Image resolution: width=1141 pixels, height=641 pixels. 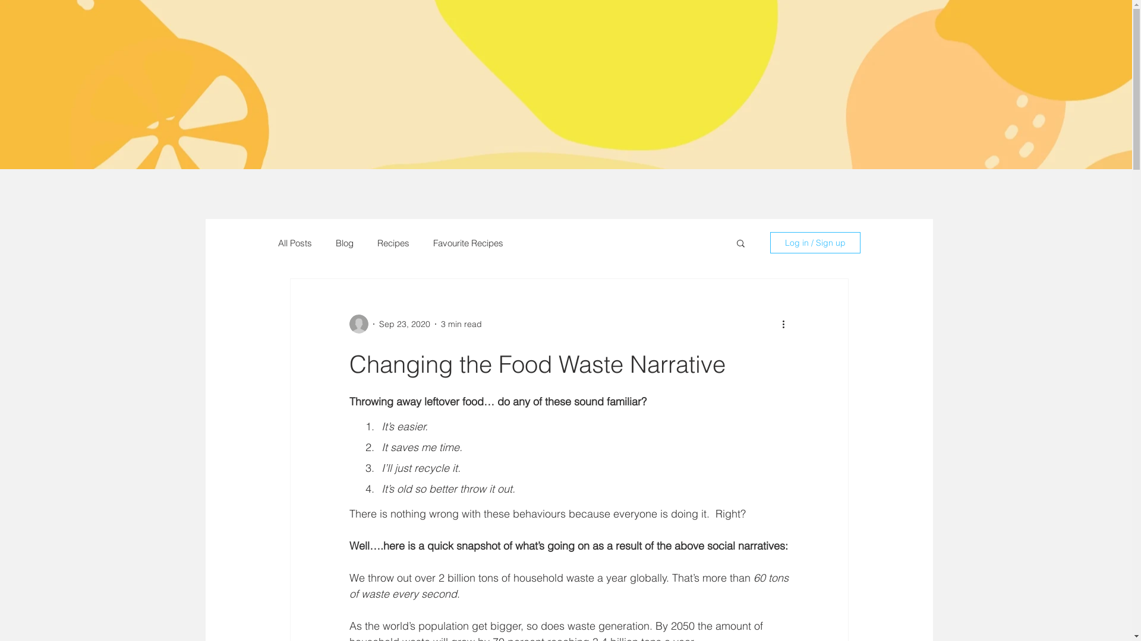 What do you see at coordinates (295, 242) in the screenshot?
I see `'All Posts'` at bounding box center [295, 242].